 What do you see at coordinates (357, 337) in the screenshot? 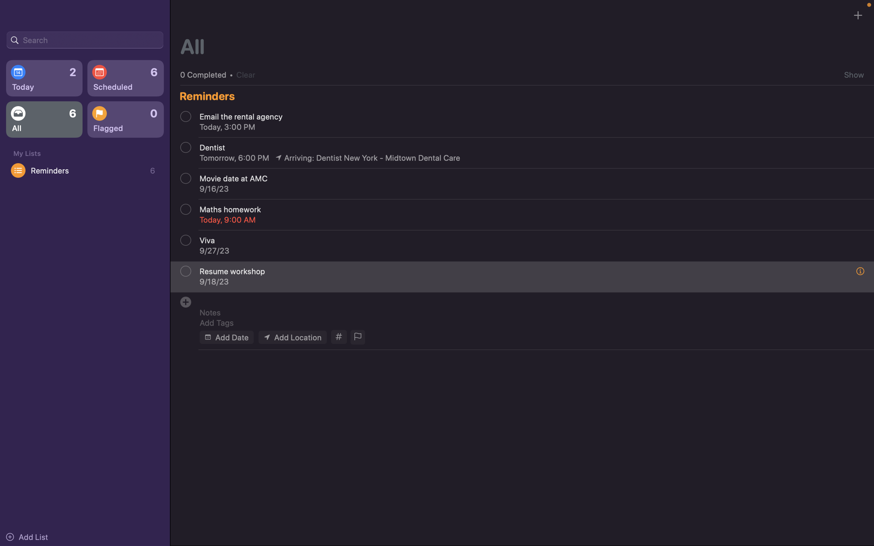
I see `Highlight this event as critical` at bounding box center [357, 337].